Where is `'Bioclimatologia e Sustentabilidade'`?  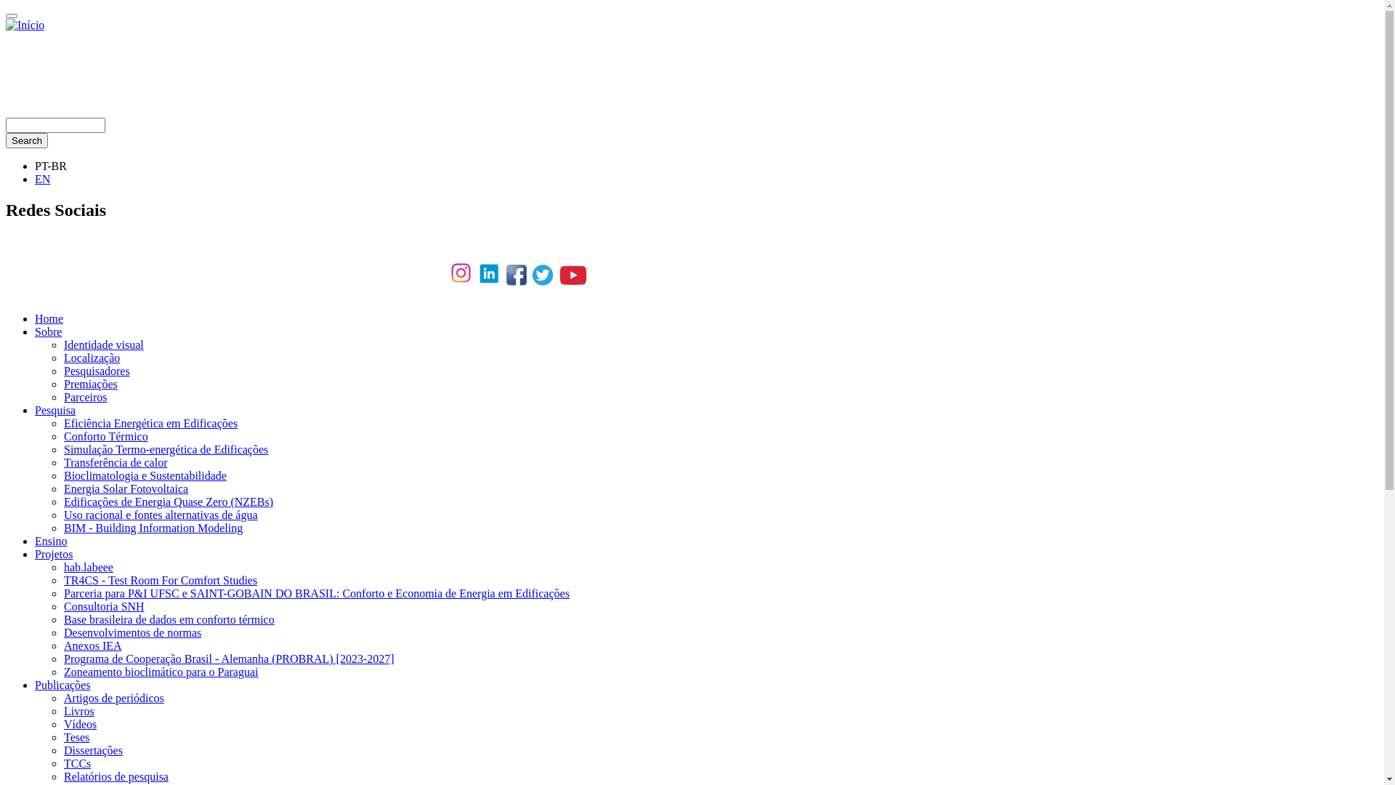
'Bioclimatologia e Sustentabilidade' is located at coordinates (145, 475).